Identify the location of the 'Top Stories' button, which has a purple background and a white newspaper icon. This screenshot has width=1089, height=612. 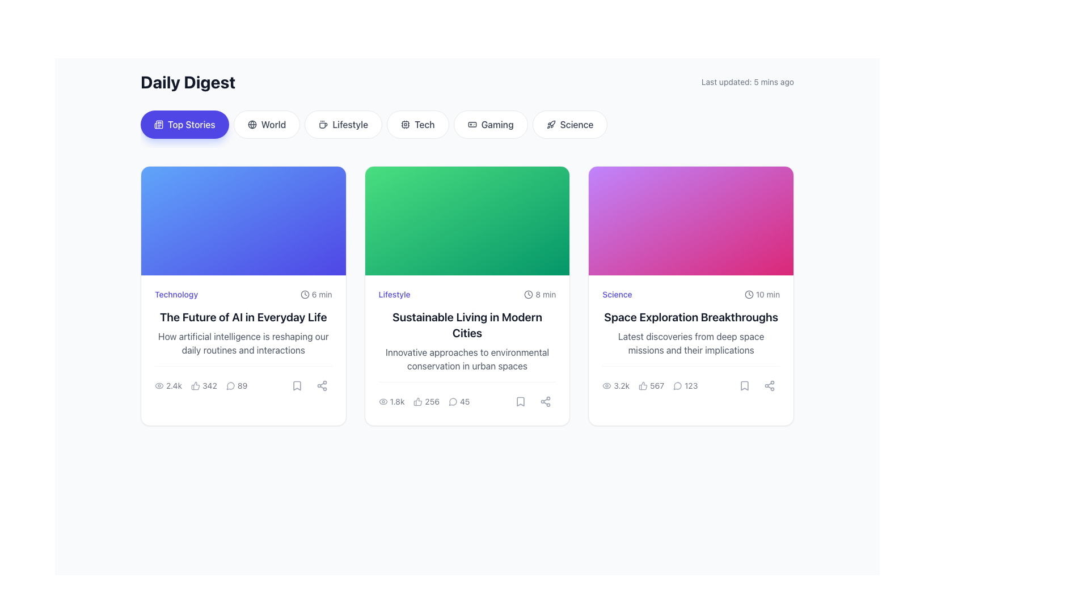
(184, 124).